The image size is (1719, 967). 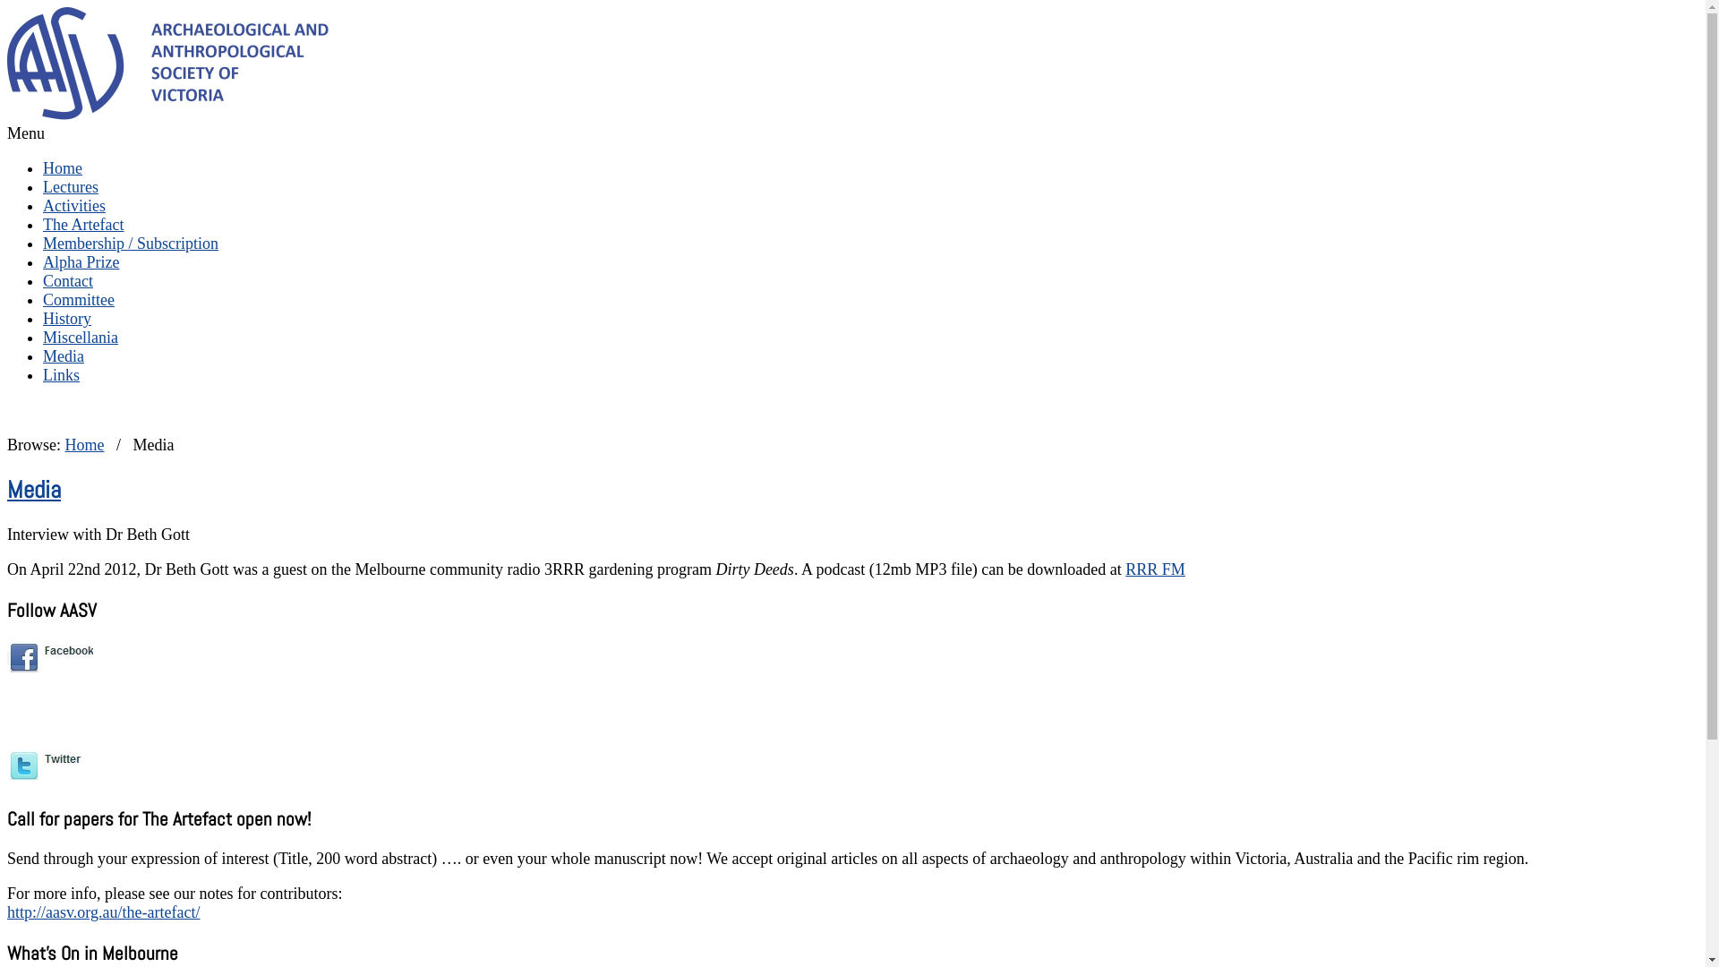 What do you see at coordinates (67, 317) in the screenshot?
I see `'History'` at bounding box center [67, 317].